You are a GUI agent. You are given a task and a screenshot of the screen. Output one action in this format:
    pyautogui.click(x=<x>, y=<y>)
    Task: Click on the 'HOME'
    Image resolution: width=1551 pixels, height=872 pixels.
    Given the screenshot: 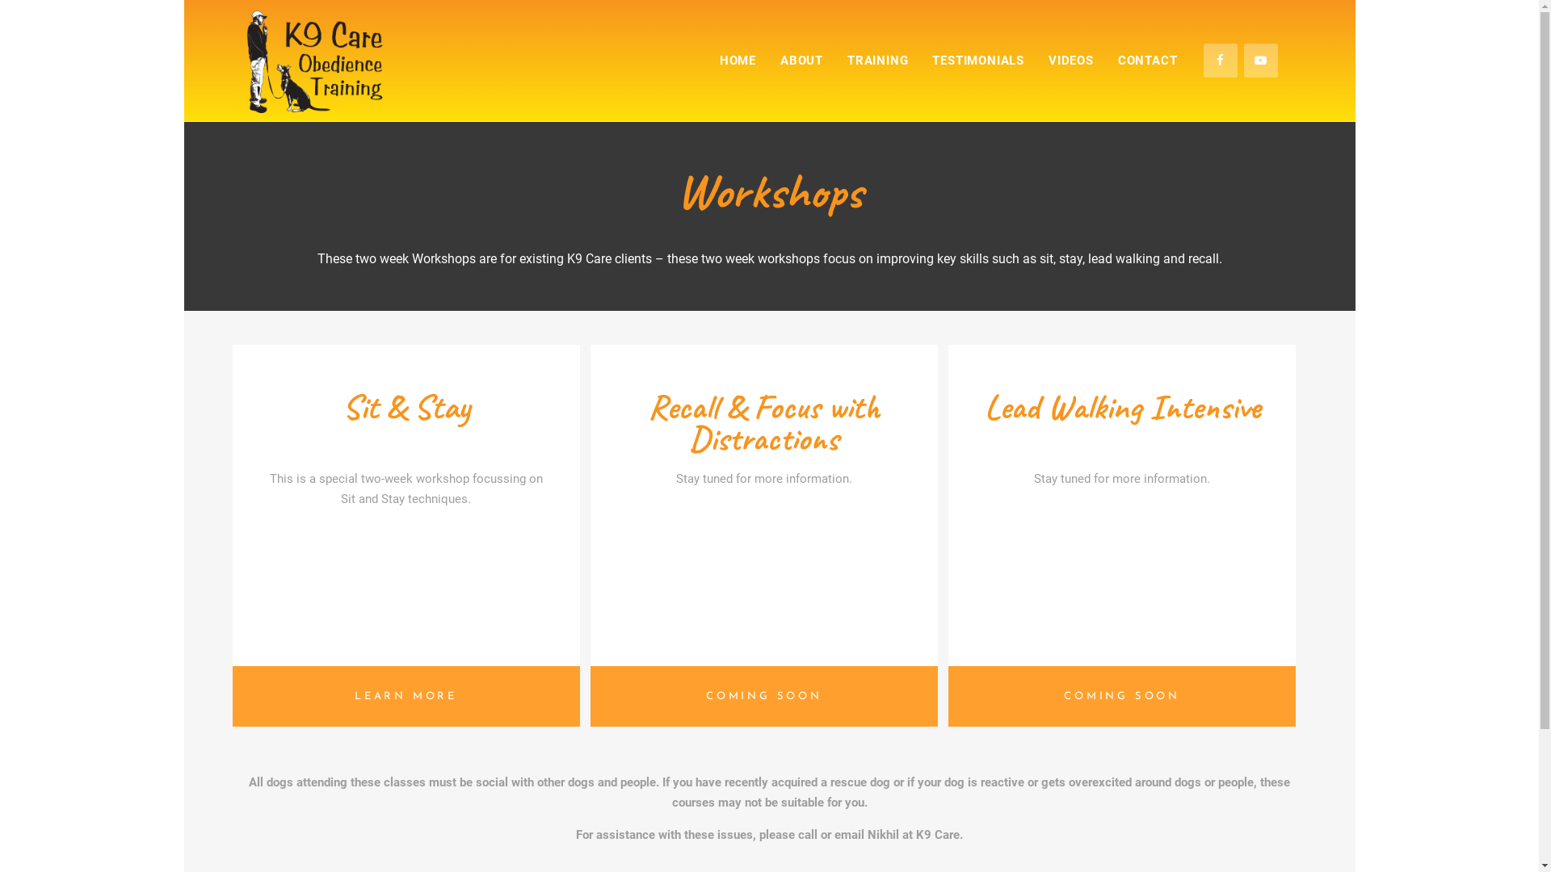 What is the action you would take?
    pyautogui.click(x=737, y=59)
    